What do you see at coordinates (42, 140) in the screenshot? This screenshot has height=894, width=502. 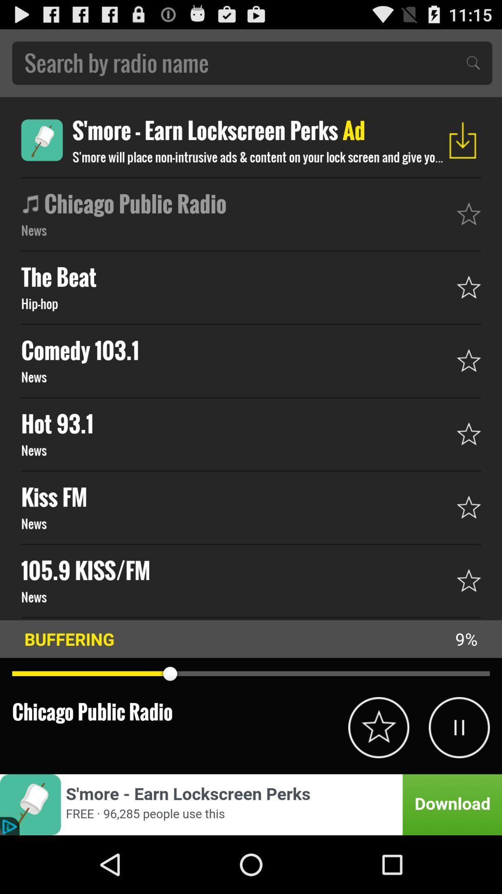 I see `open advertisement` at bounding box center [42, 140].